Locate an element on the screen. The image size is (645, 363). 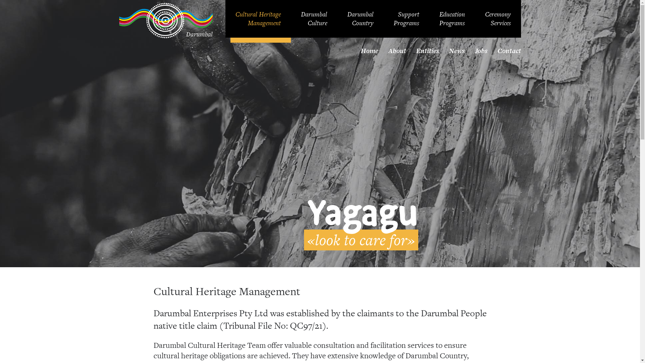
'Support is located at coordinates (406, 18).